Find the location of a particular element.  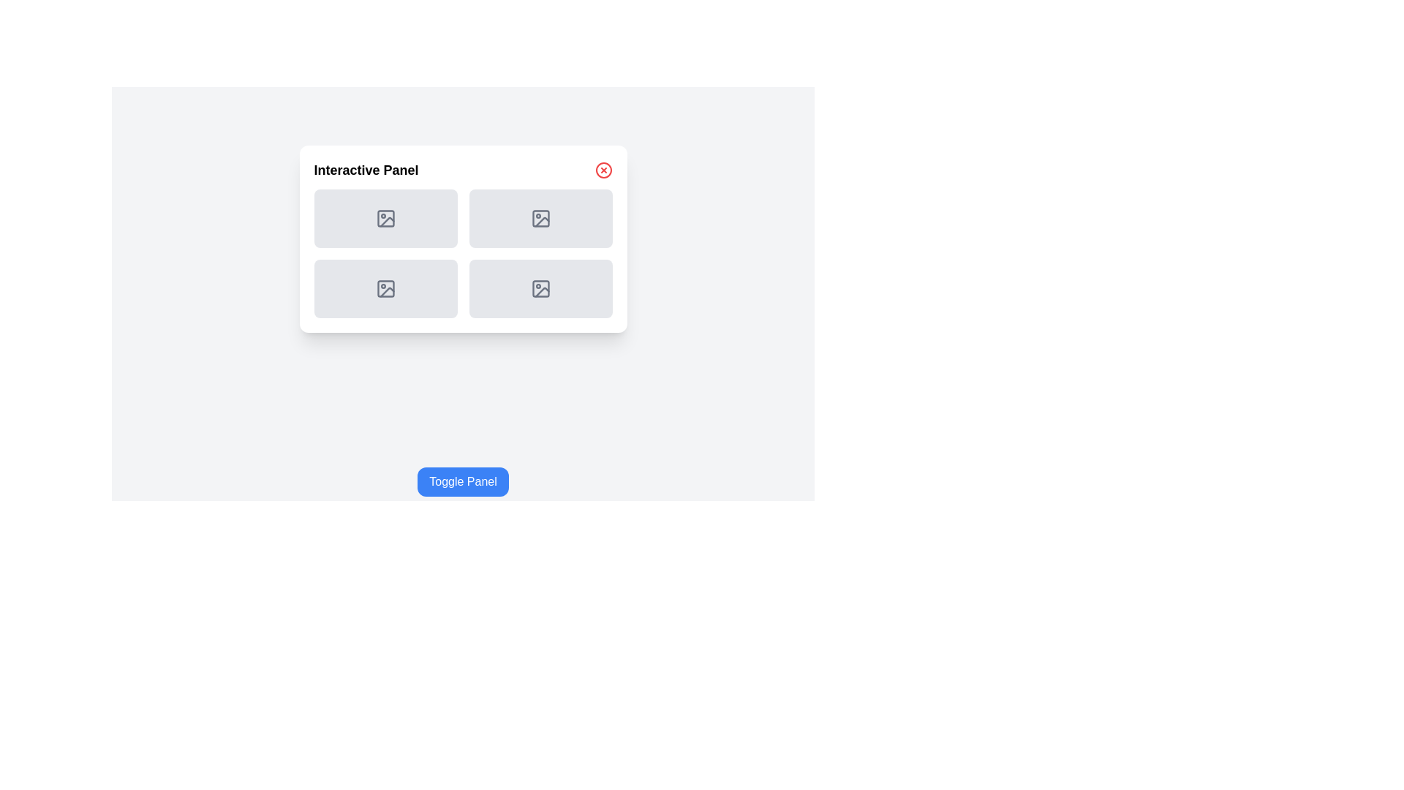

the decorative icon located in the second row and first column of the 2x2 grid within the 'Interactive Panel' is located at coordinates (385, 288).